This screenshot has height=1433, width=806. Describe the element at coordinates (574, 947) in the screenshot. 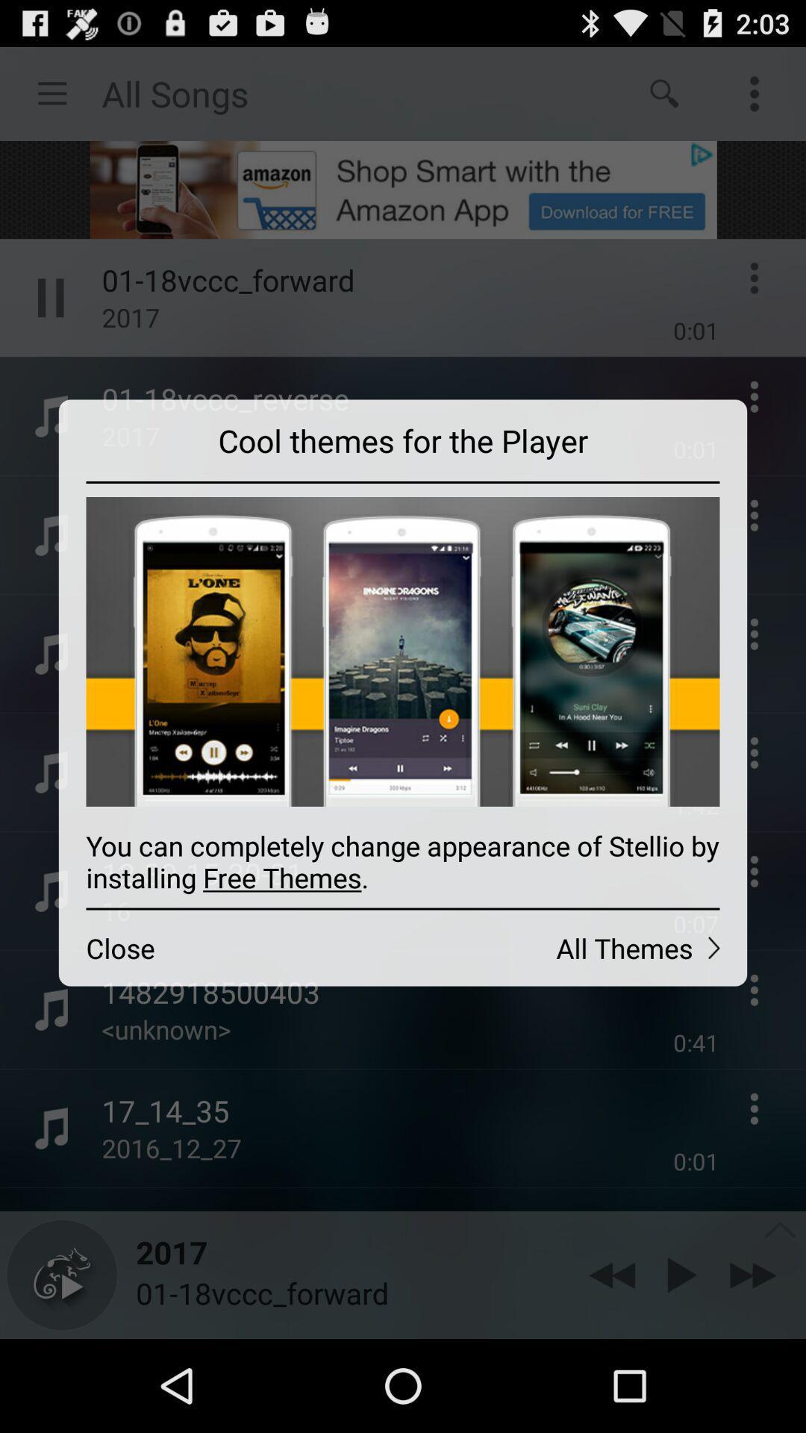

I see `the icon to the right of close icon` at that location.